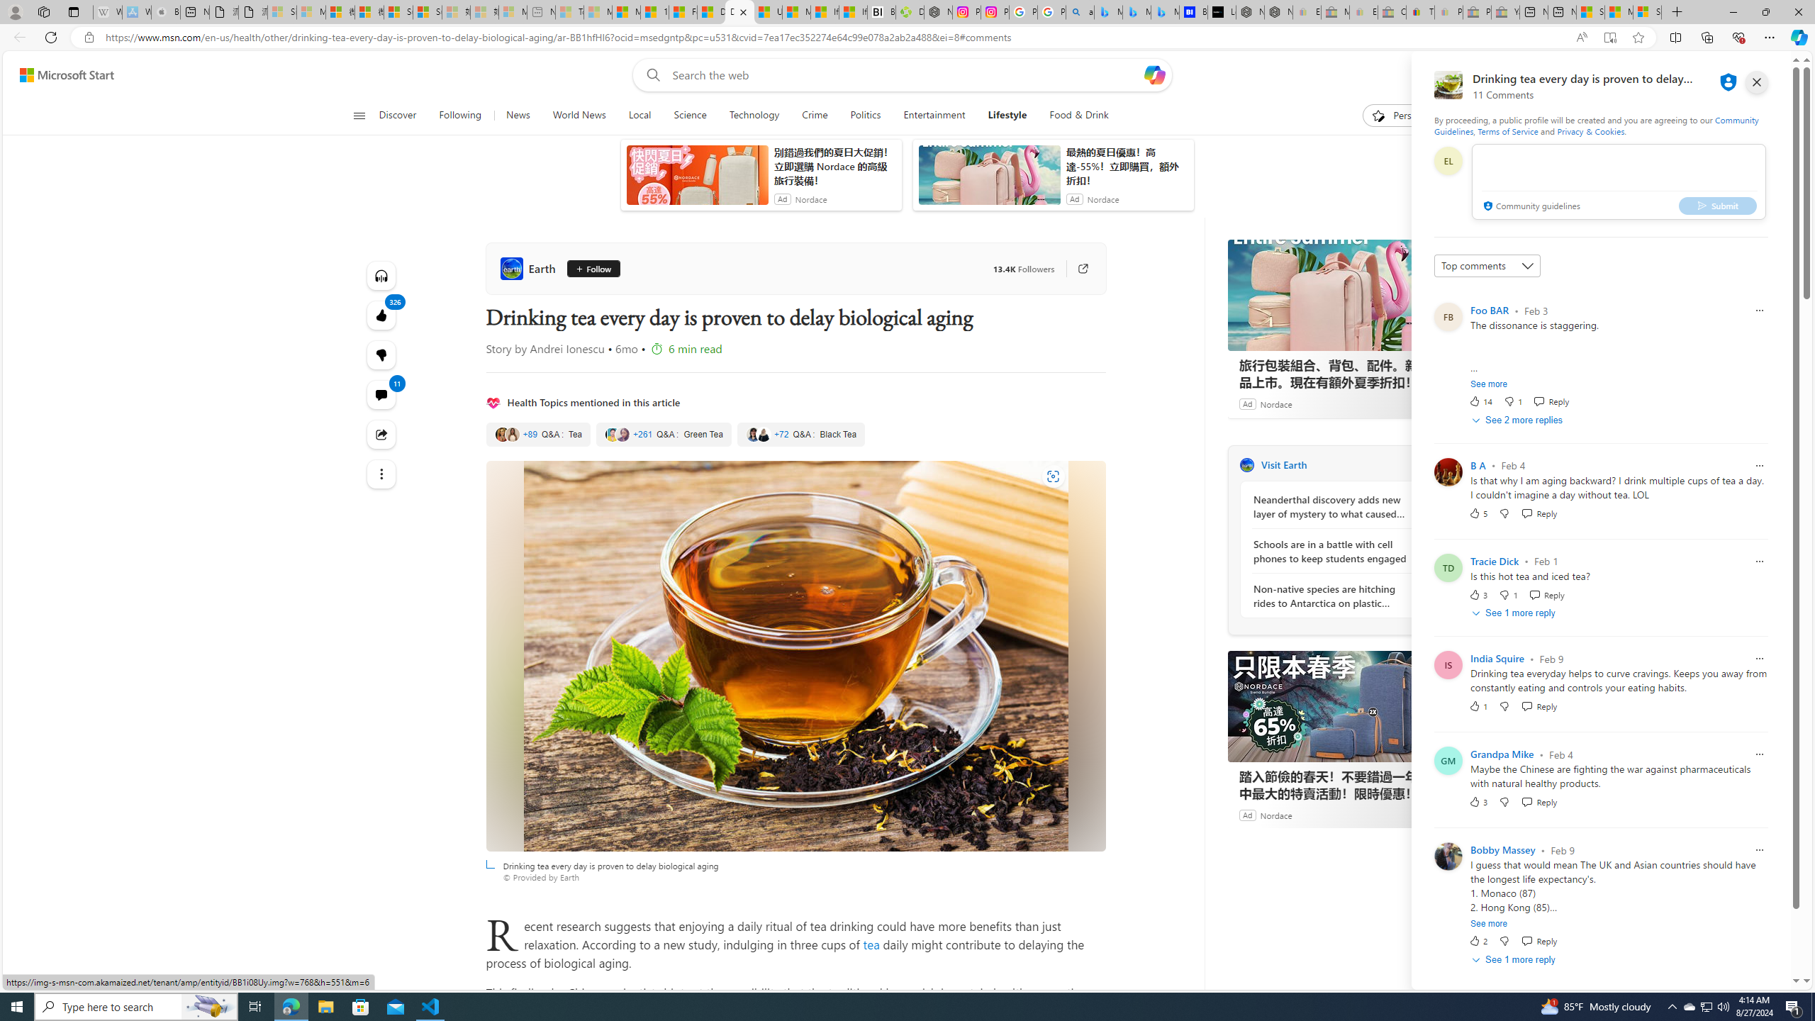  Describe the element at coordinates (1378, 114) in the screenshot. I see `'To get missing image descriptions, open the context menu.'` at that location.